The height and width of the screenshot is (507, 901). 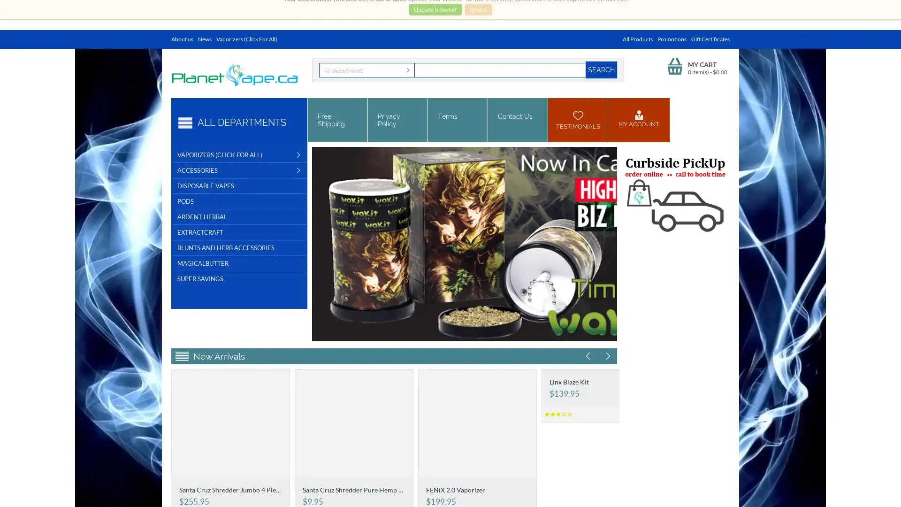 What do you see at coordinates (478, 20) in the screenshot?
I see `Ignore` at bounding box center [478, 20].